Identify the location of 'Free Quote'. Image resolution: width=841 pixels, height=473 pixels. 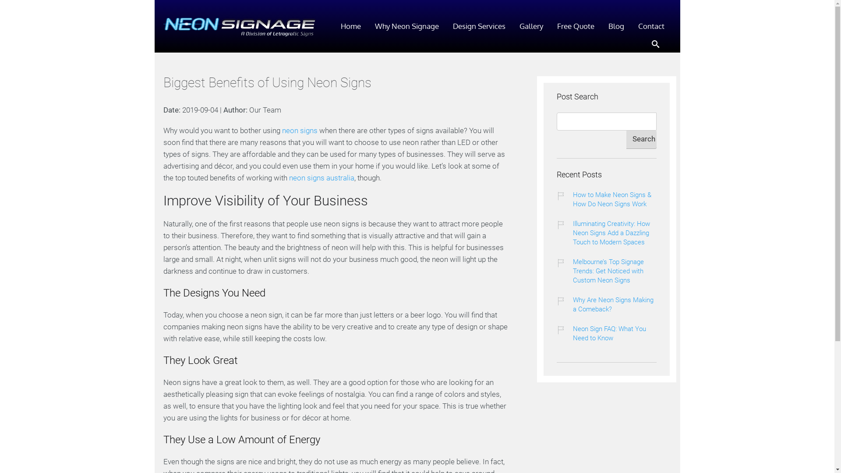
(550, 26).